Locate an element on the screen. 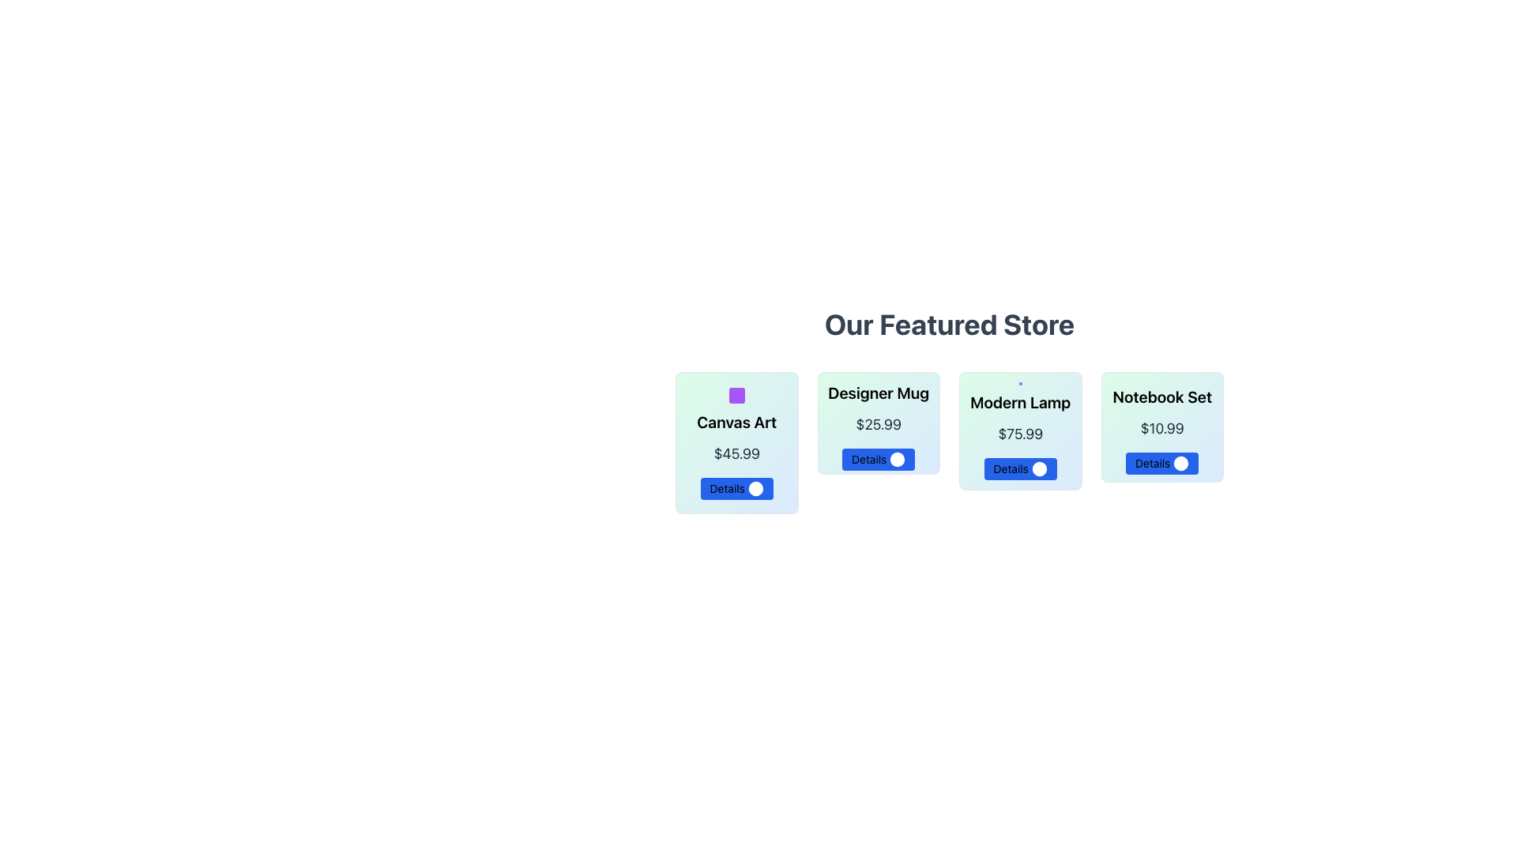 Image resolution: width=1517 pixels, height=853 pixels. the static text element that identifies the product displayed on the second product card from the left, located at the top-center area above the price and details button is located at coordinates (878, 392).